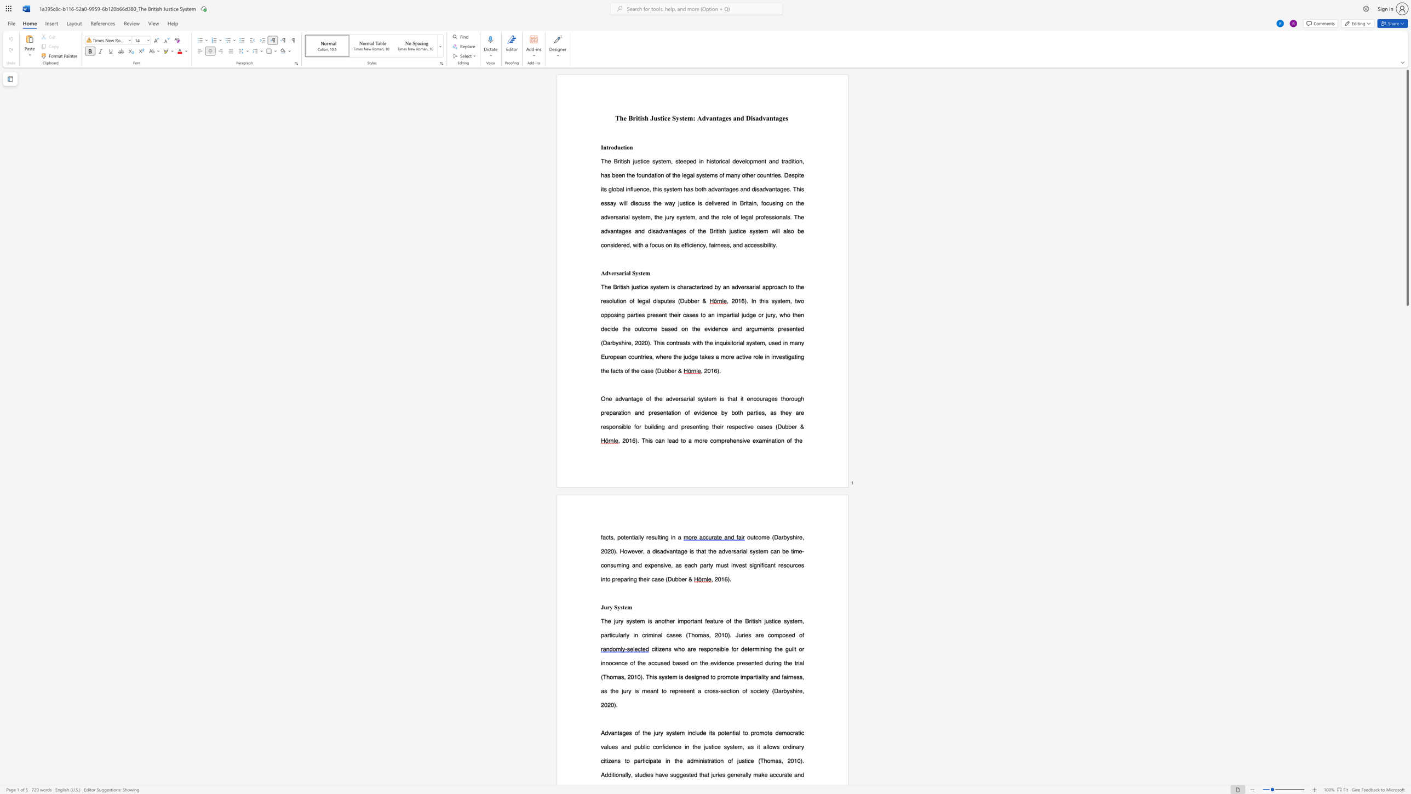  What do you see at coordinates (653, 761) in the screenshot?
I see `the subset text "ate" within the text "participate"` at bounding box center [653, 761].